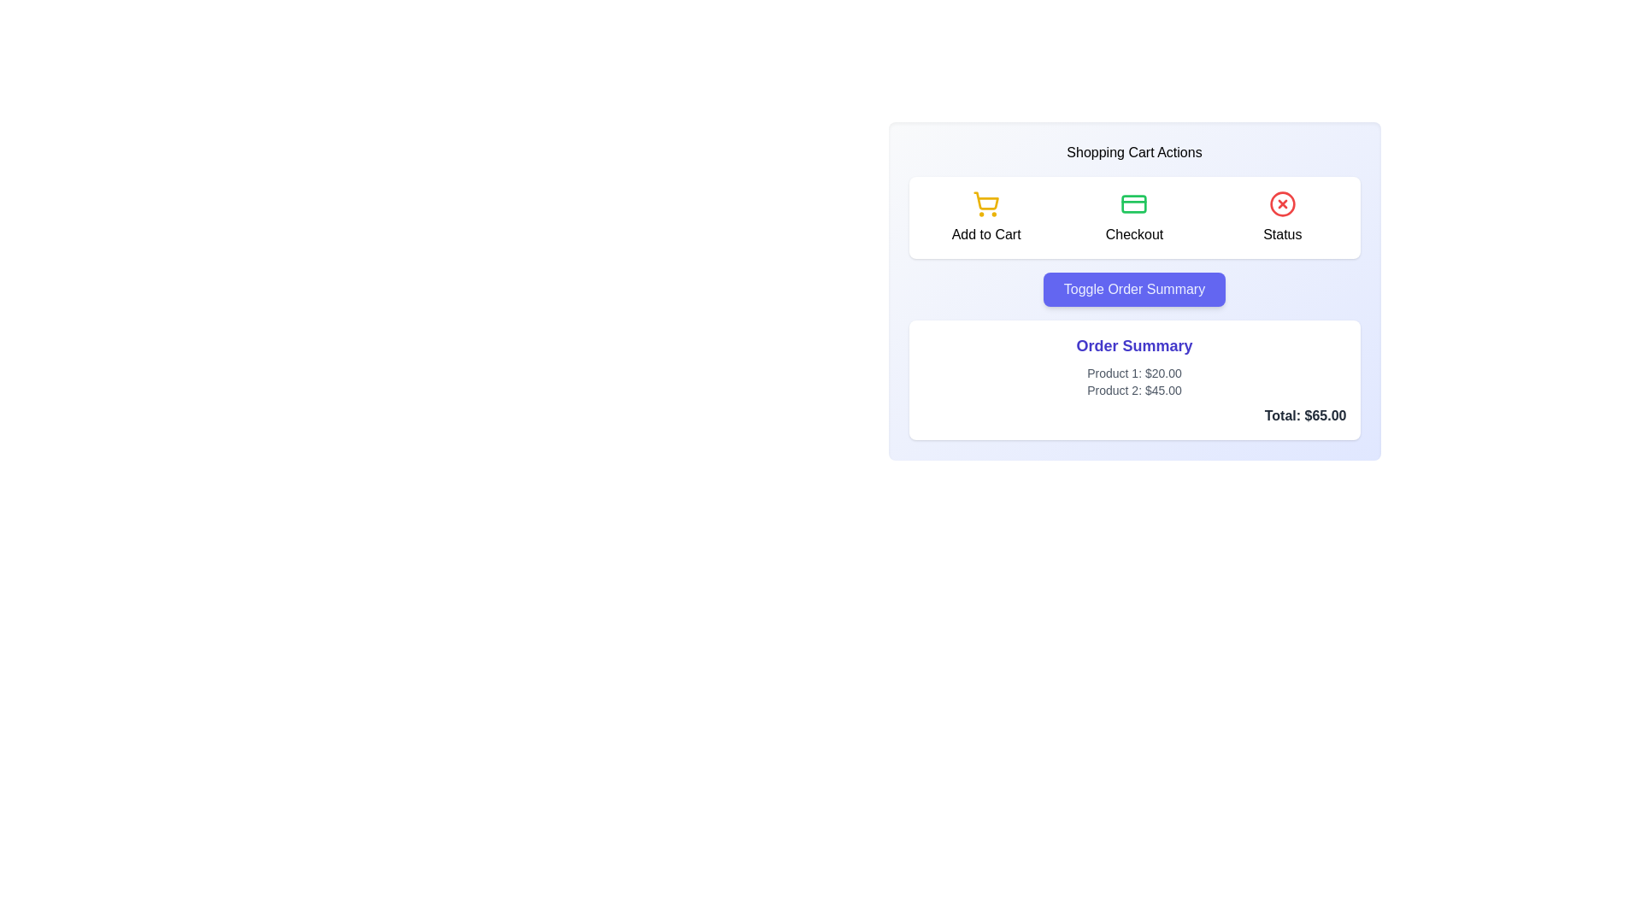  Describe the element at coordinates (1134, 372) in the screenshot. I see `the text label displaying 'Product 1: $20.00' in the 'Order Summary' section, which is the first item in the product list` at that location.